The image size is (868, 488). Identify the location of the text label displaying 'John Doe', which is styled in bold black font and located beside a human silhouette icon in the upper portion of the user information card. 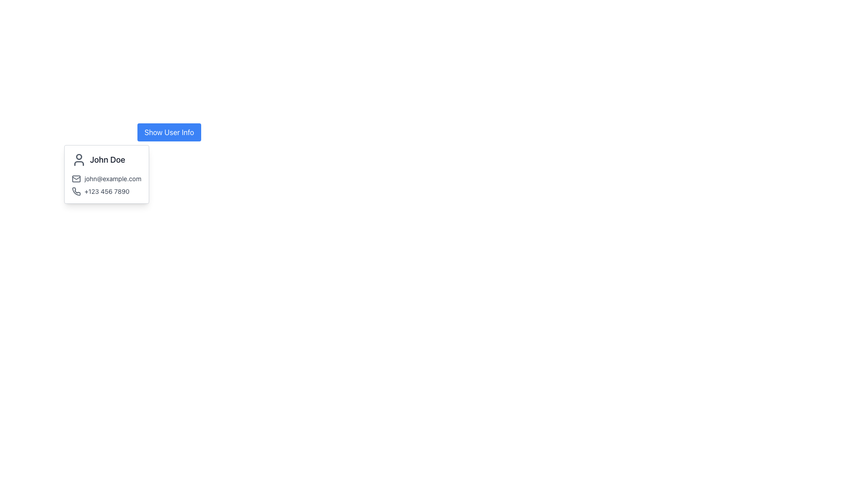
(107, 160).